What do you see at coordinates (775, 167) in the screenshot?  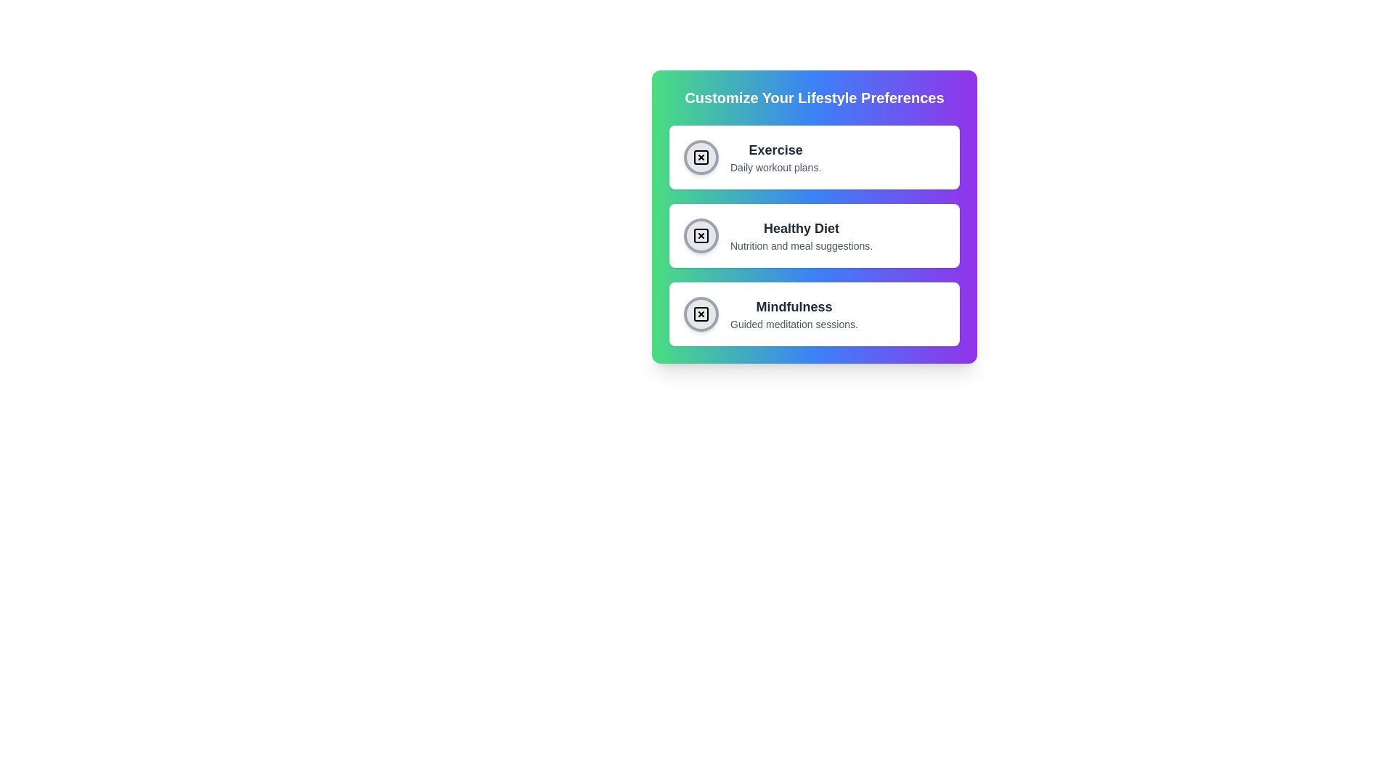 I see `the text label that contains 'Daily workout plans.' styled in small gray font, located beneath the 'Exercise' text` at bounding box center [775, 167].